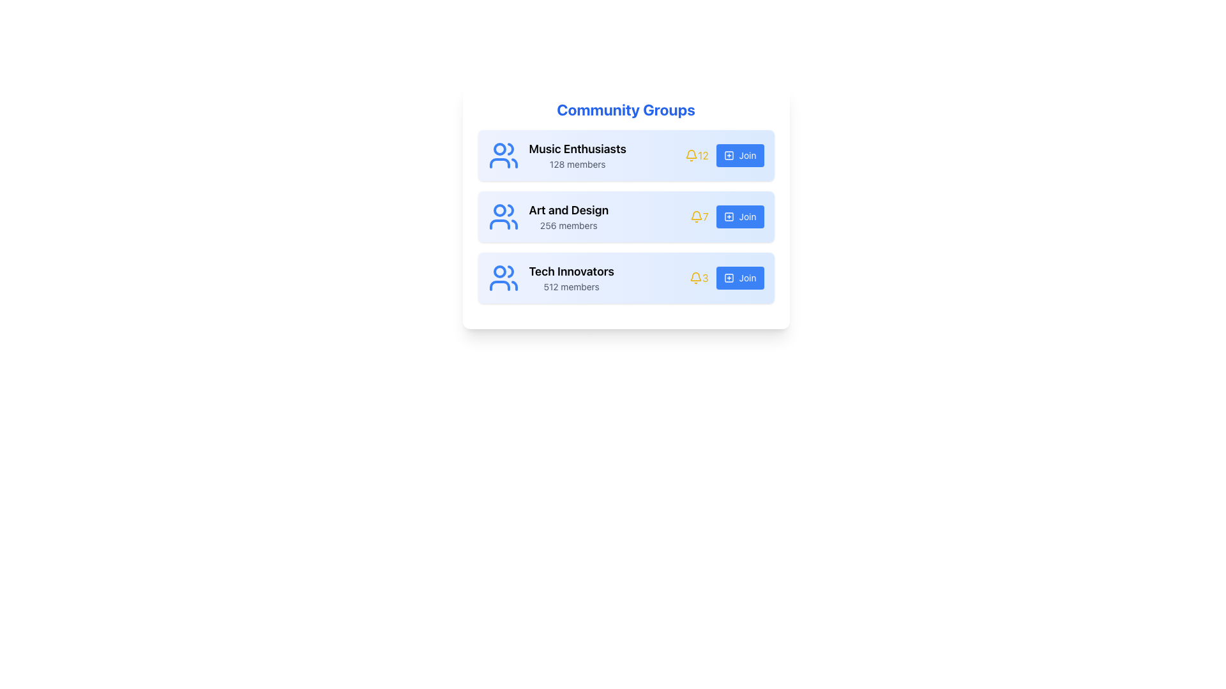 This screenshot has height=689, width=1226. What do you see at coordinates (499, 223) in the screenshot?
I see `the curve within the blue user group icon on the second card labeled 'Art and Design' in the 'Community Groups' panel` at bounding box center [499, 223].